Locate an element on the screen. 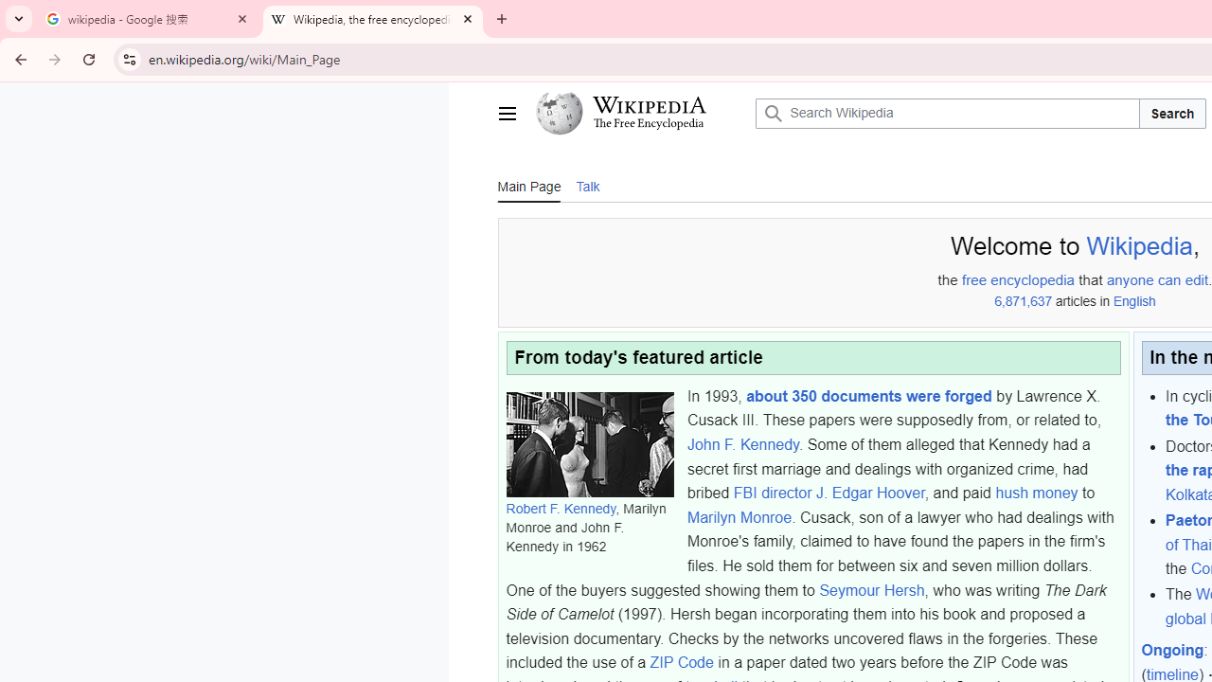 Image resolution: width=1212 pixels, height=682 pixels. 'Seymour Hersh' is located at coordinates (870, 589).